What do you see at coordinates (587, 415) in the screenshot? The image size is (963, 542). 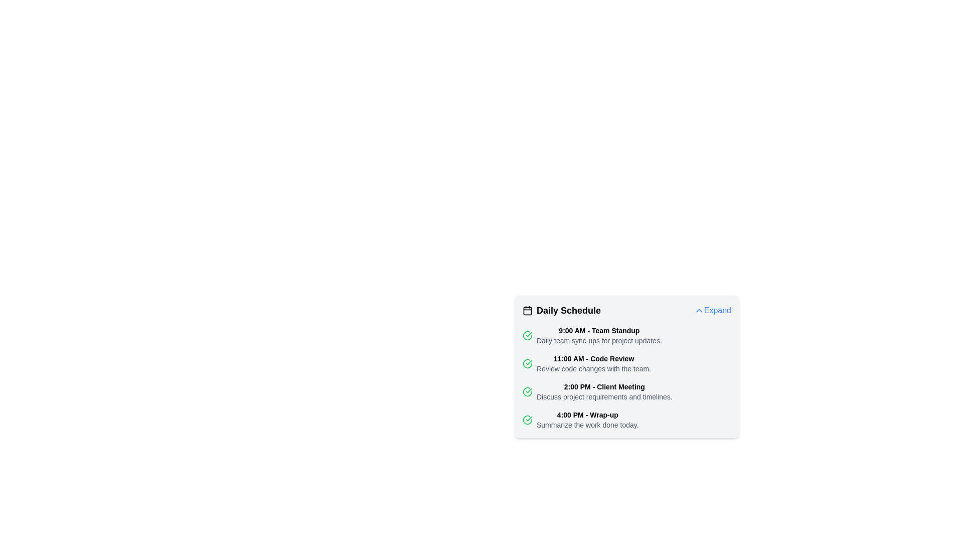 I see `the text label that presents the time and title of a meeting or activity in the daily schedule list` at bounding box center [587, 415].